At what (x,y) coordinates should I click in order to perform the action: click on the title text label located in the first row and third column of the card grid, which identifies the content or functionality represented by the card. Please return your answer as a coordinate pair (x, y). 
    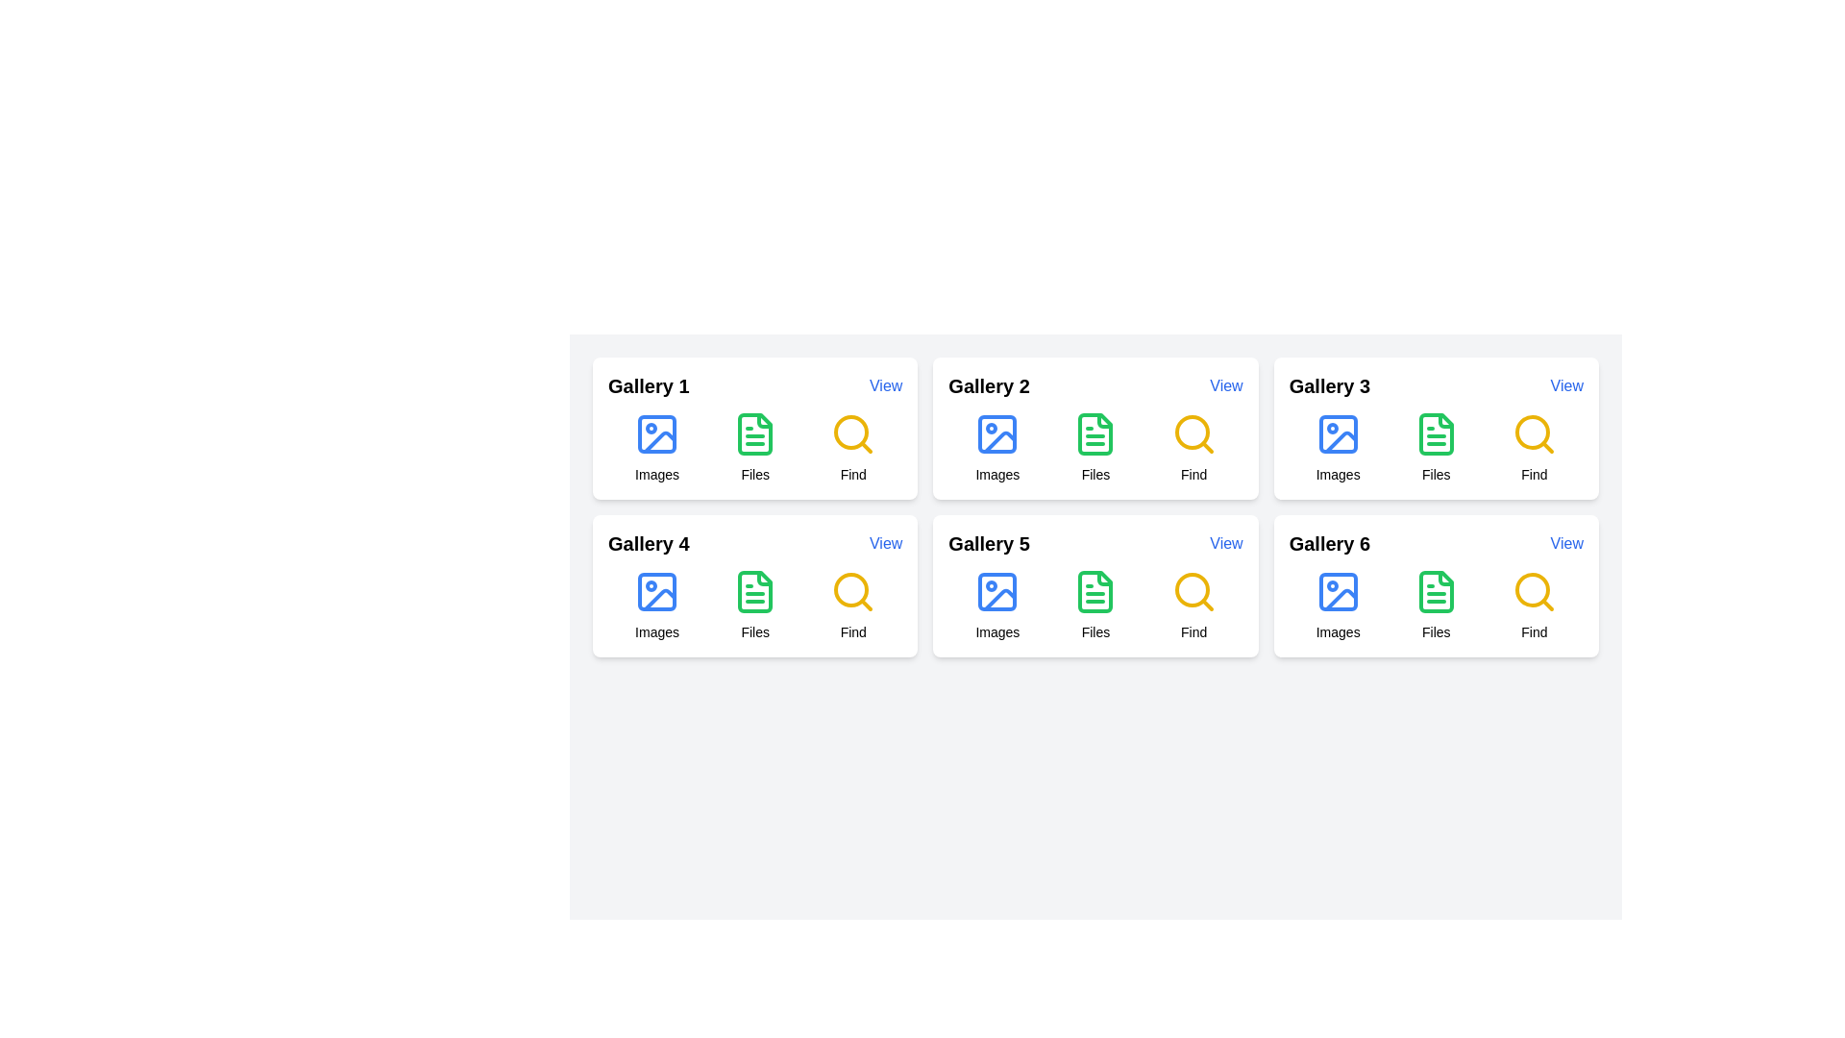
    Looking at the image, I should click on (1328, 385).